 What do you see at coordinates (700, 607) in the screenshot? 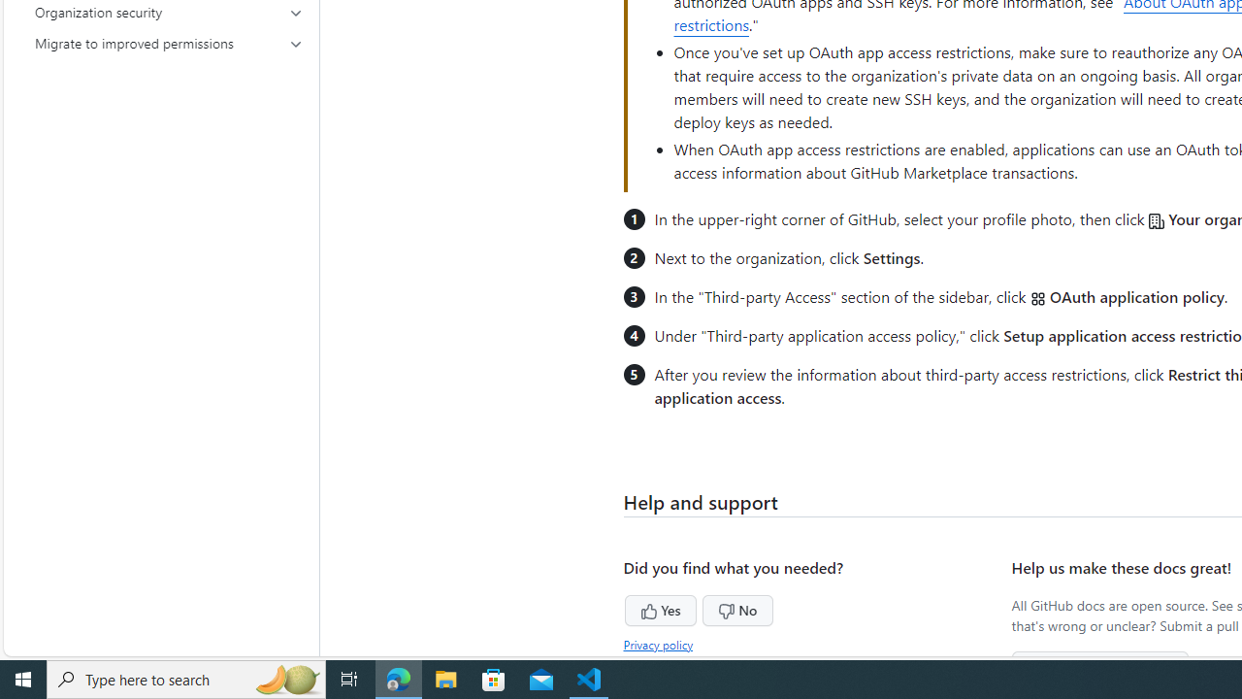
I see `'No'` at bounding box center [700, 607].